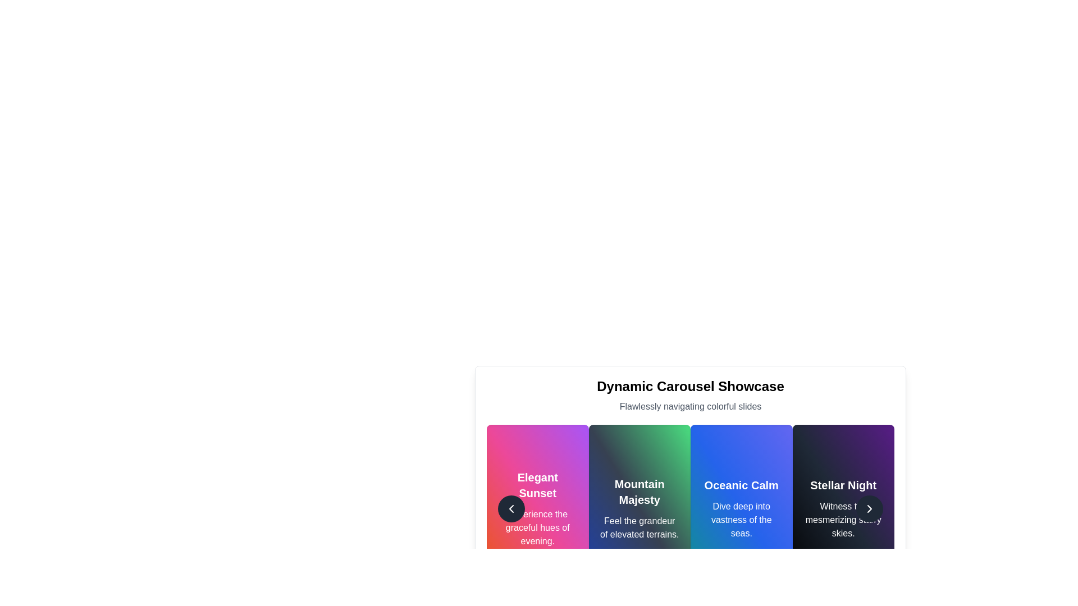 This screenshot has height=606, width=1078. Describe the element at coordinates (640, 491) in the screenshot. I see `the title text 'Mountain Majesty' which is styled with a large, bold font and located at the top-center of a colorful card with a gradient background` at that location.